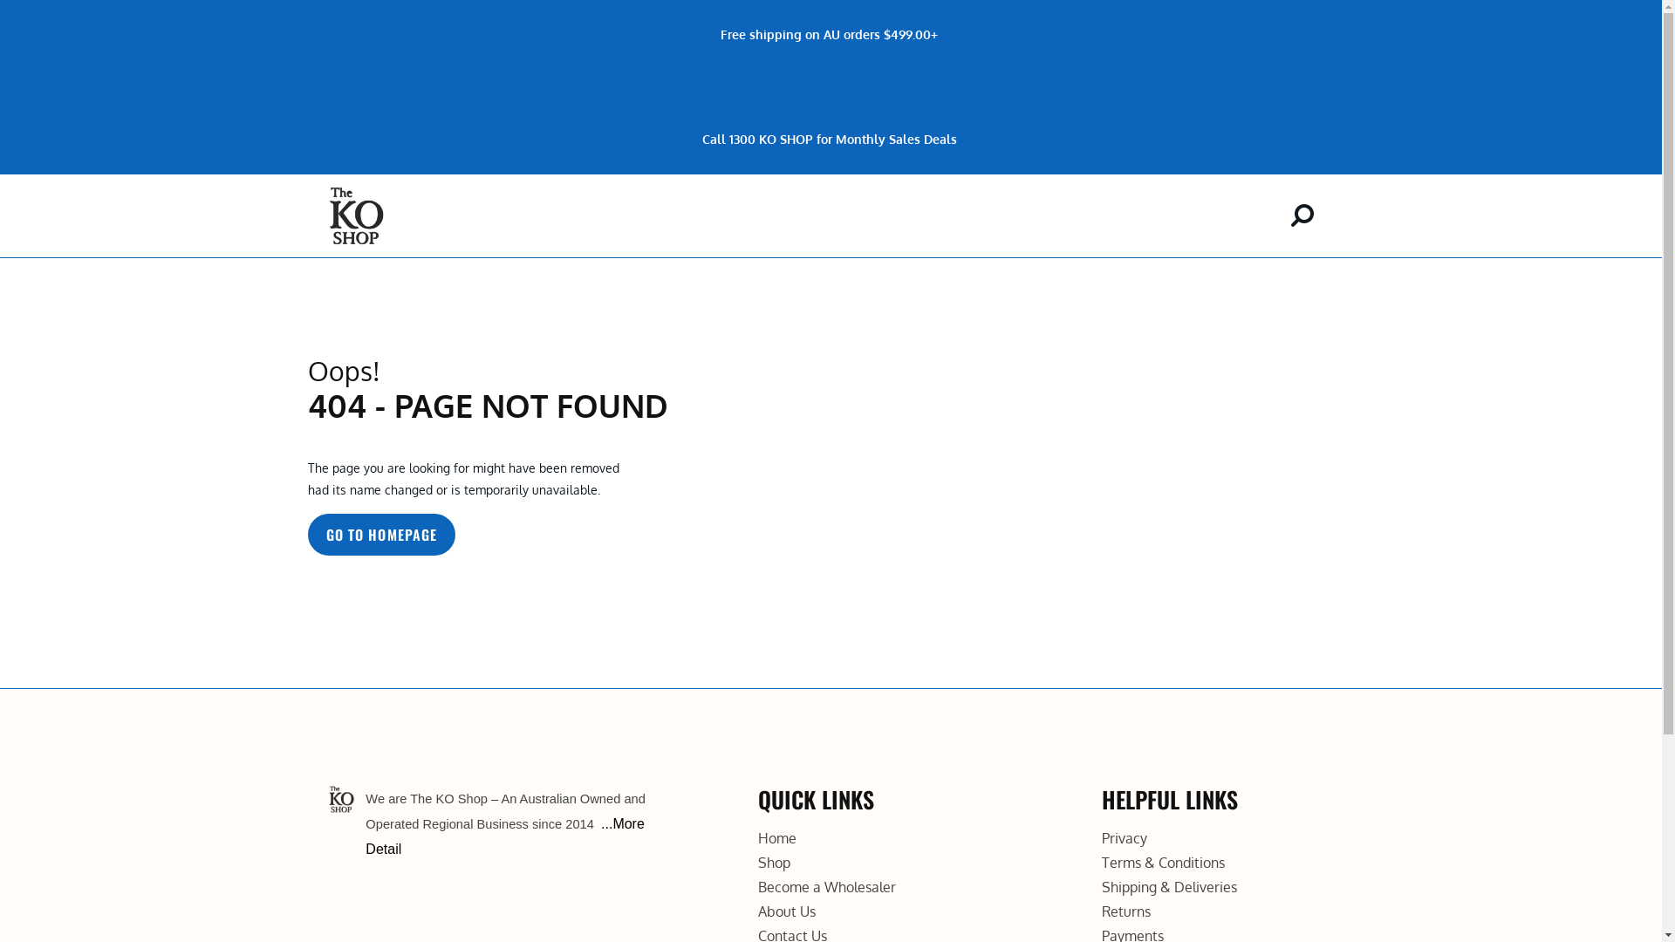 The height and width of the screenshot is (942, 1675). I want to click on 'Shipping & Deliveries', so click(1169, 887).